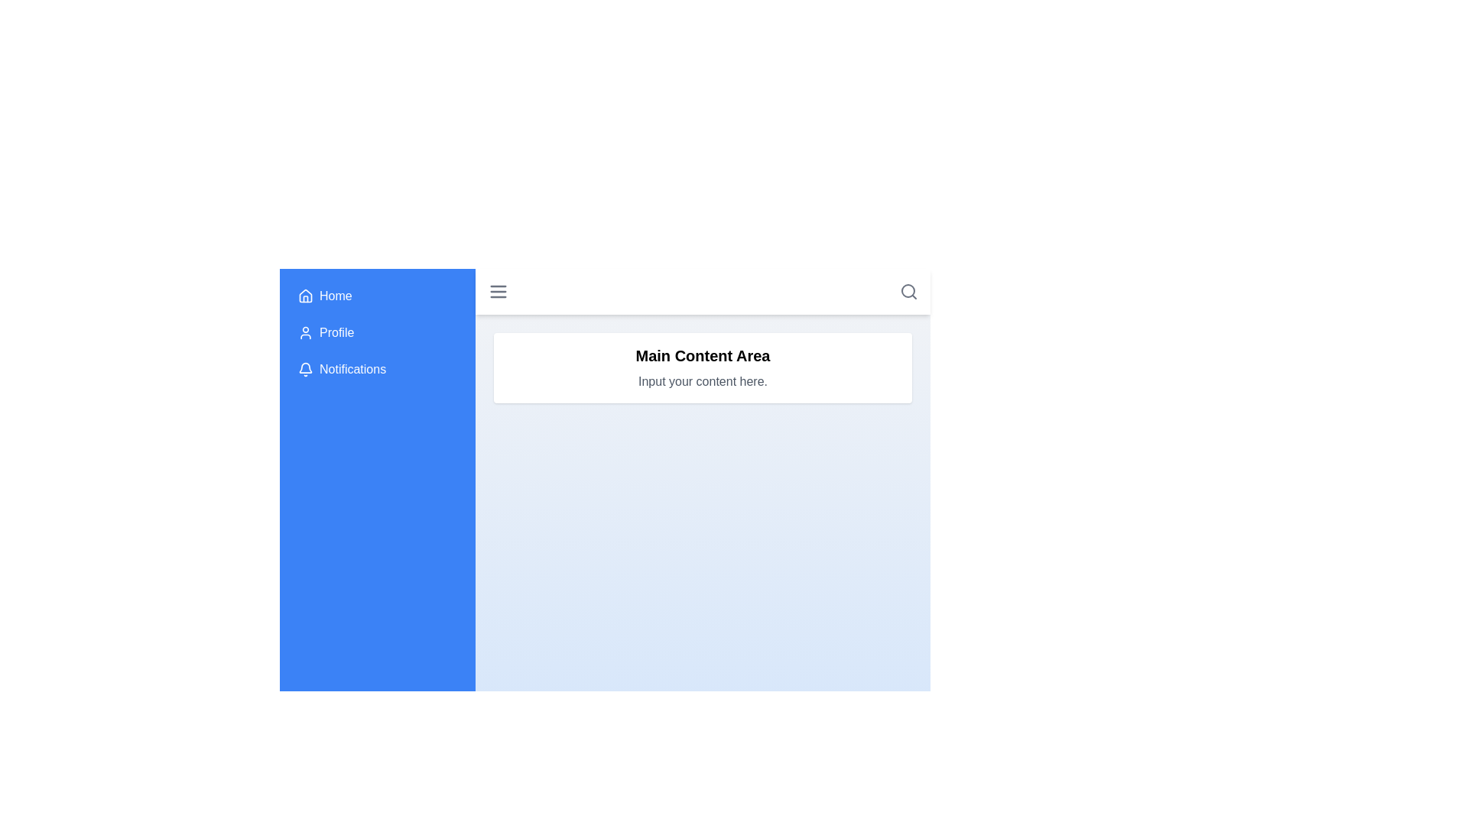 Image resolution: width=1468 pixels, height=825 pixels. I want to click on the menu icon in the app bar to toggle the sidebar visibility, so click(499, 291).